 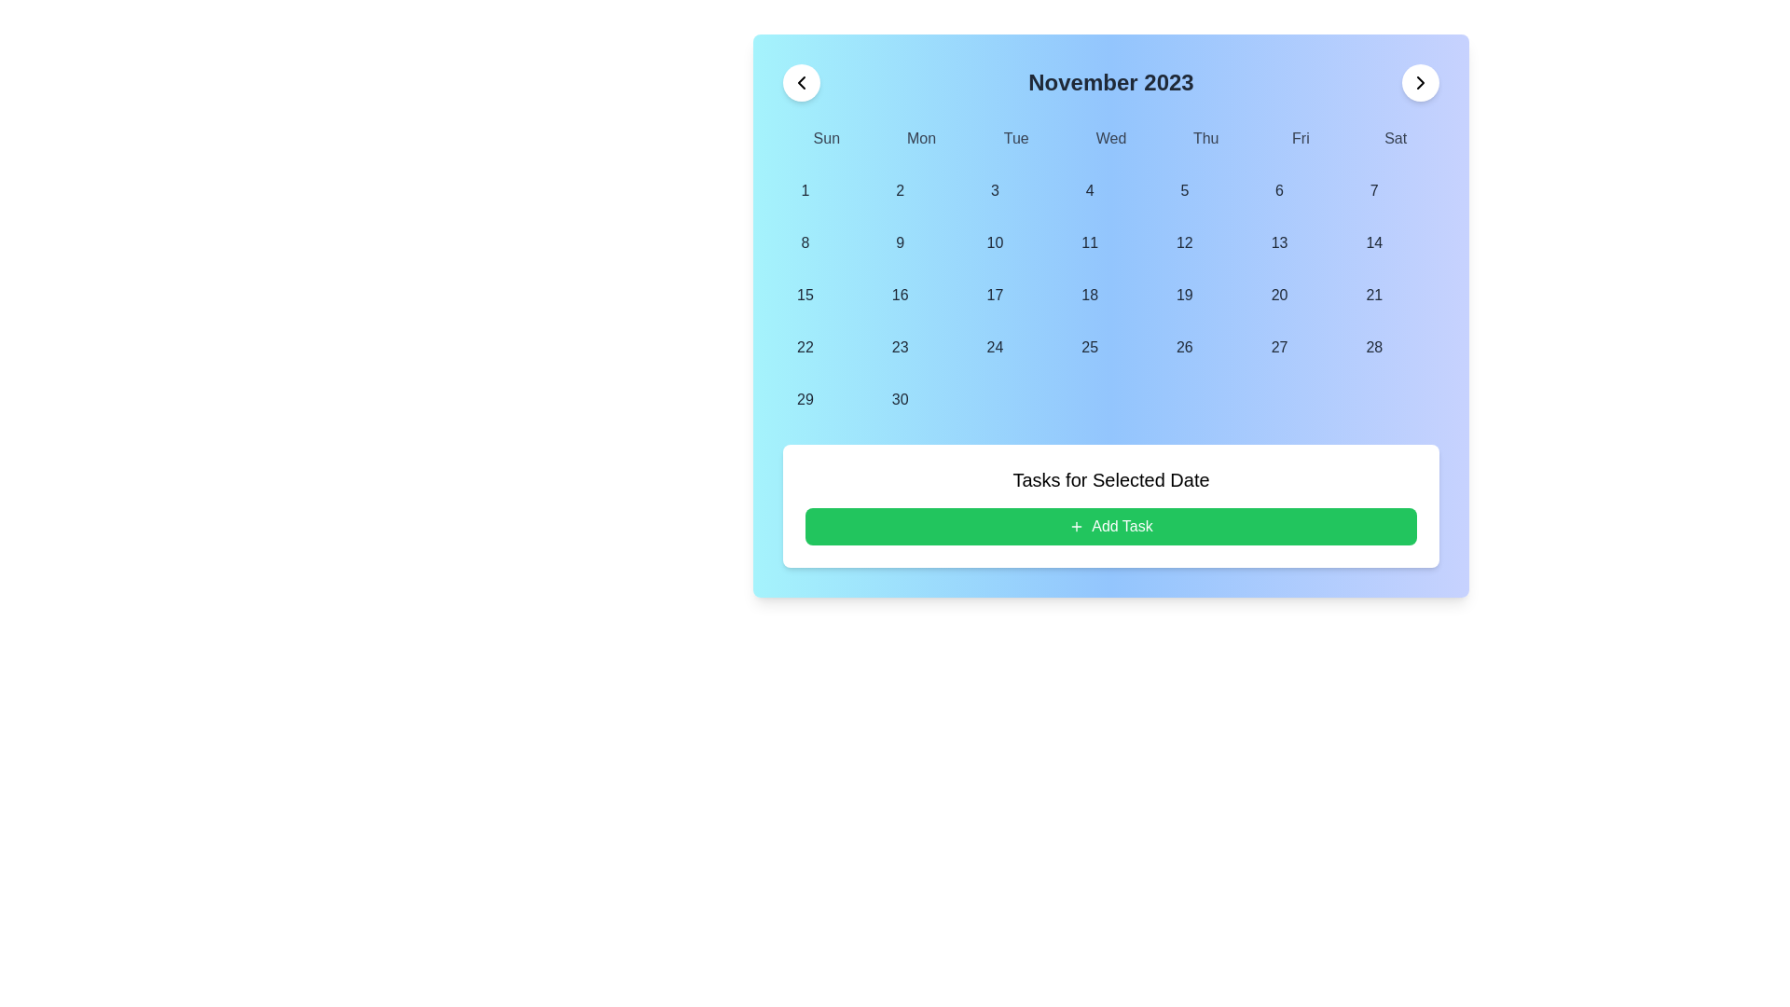 I want to click on the label displaying 'Thu' in the calendar interface, which is the fifth item in a horizontal grid of days of the week, so click(x=1205, y=138).